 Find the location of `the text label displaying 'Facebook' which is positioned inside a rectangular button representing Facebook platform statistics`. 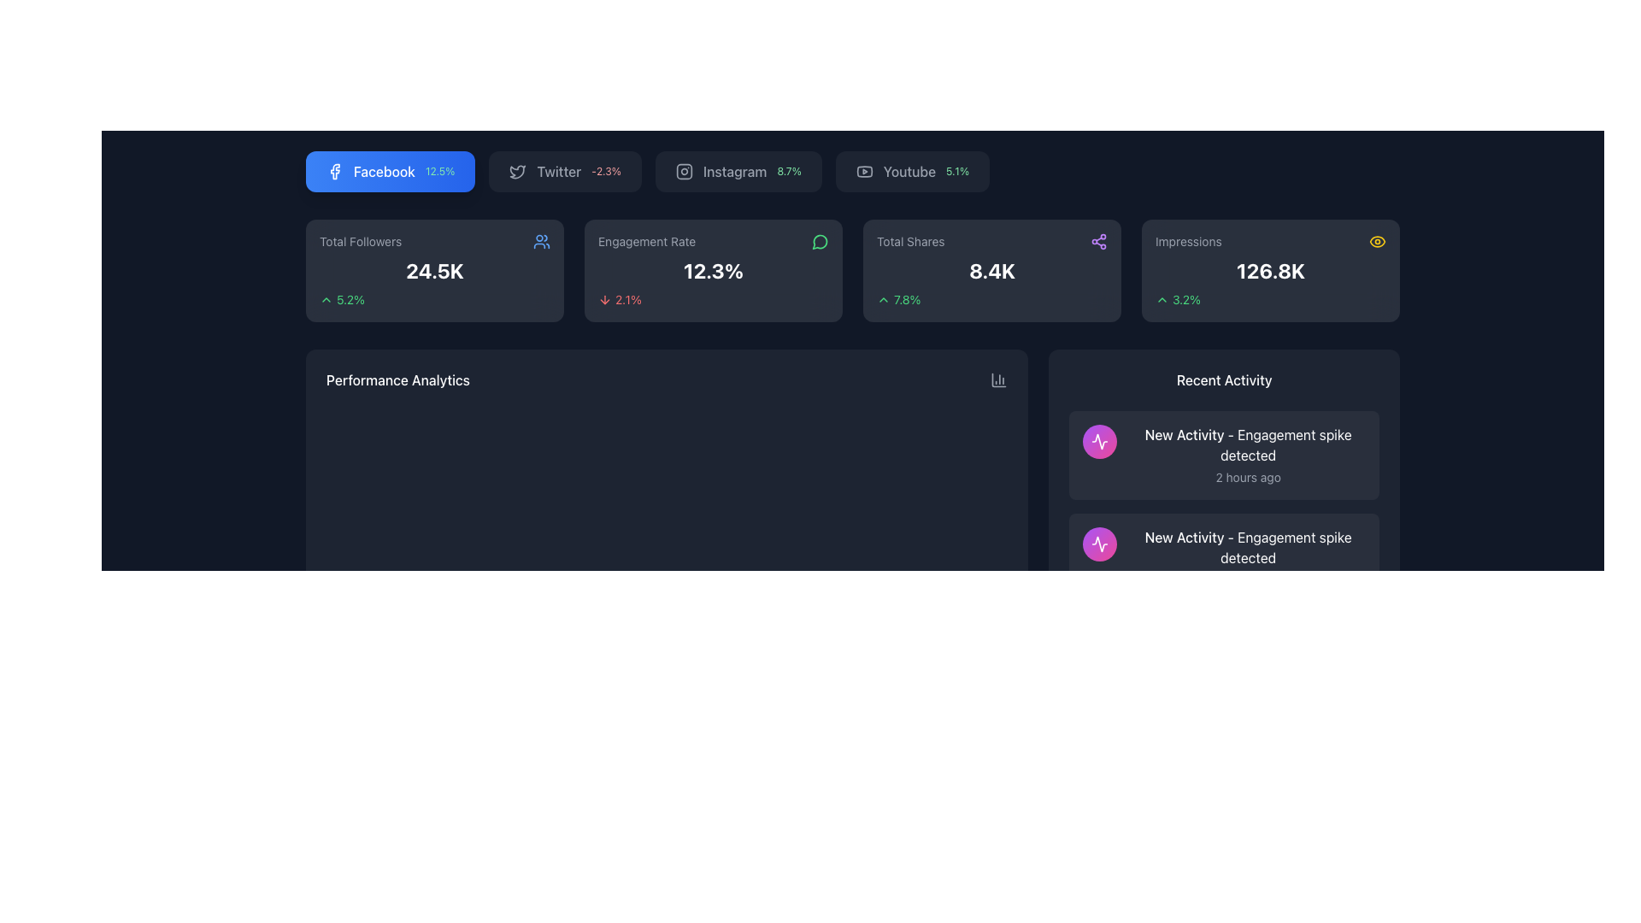

the text label displaying 'Facebook' which is positioned inside a rectangular button representing Facebook platform statistics is located at coordinates (384, 171).